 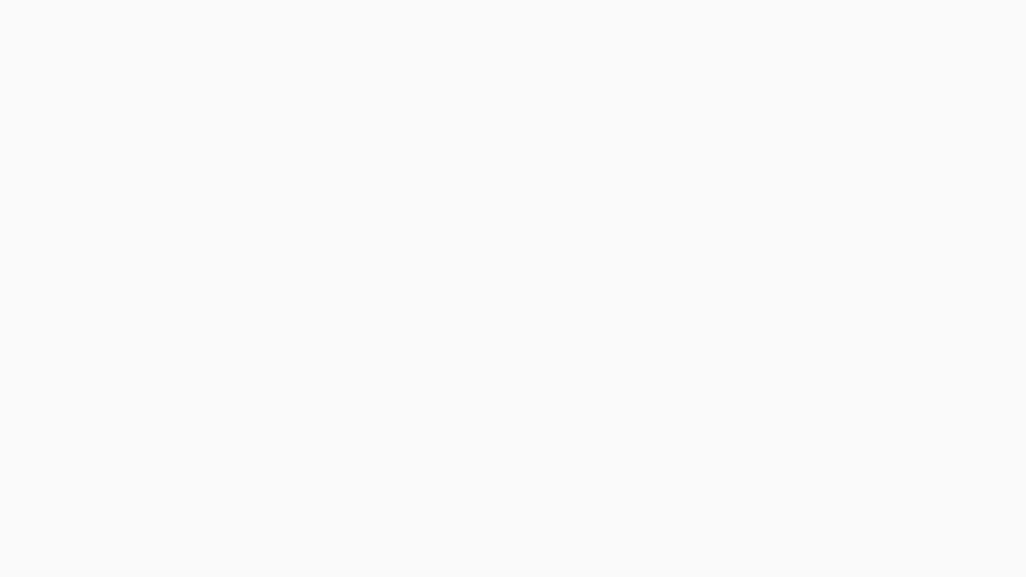 What do you see at coordinates (96, 101) in the screenshot?
I see `Staying Safe` at bounding box center [96, 101].